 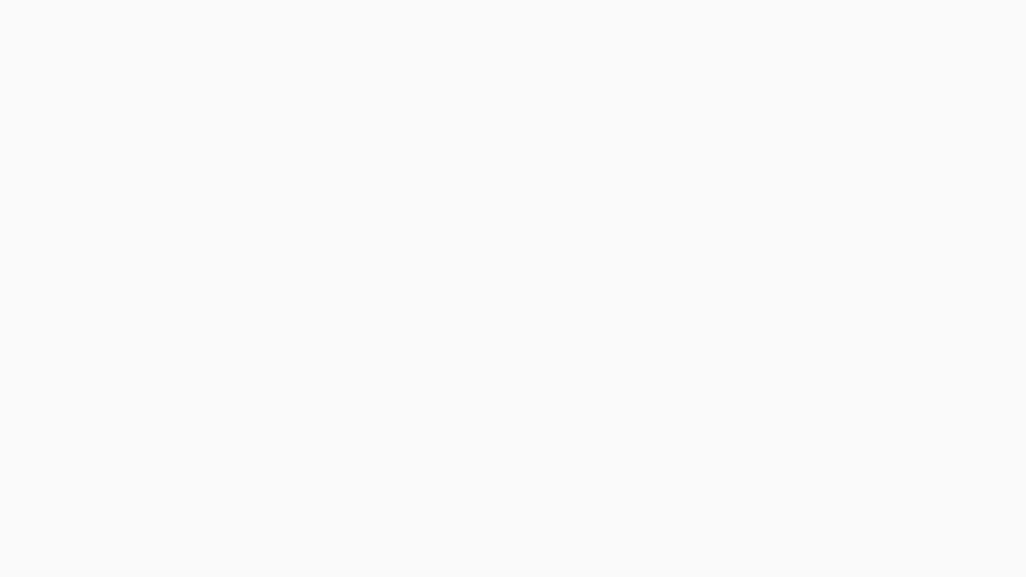 What do you see at coordinates (96, 101) in the screenshot?
I see `Staying Safe` at bounding box center [96, 101].